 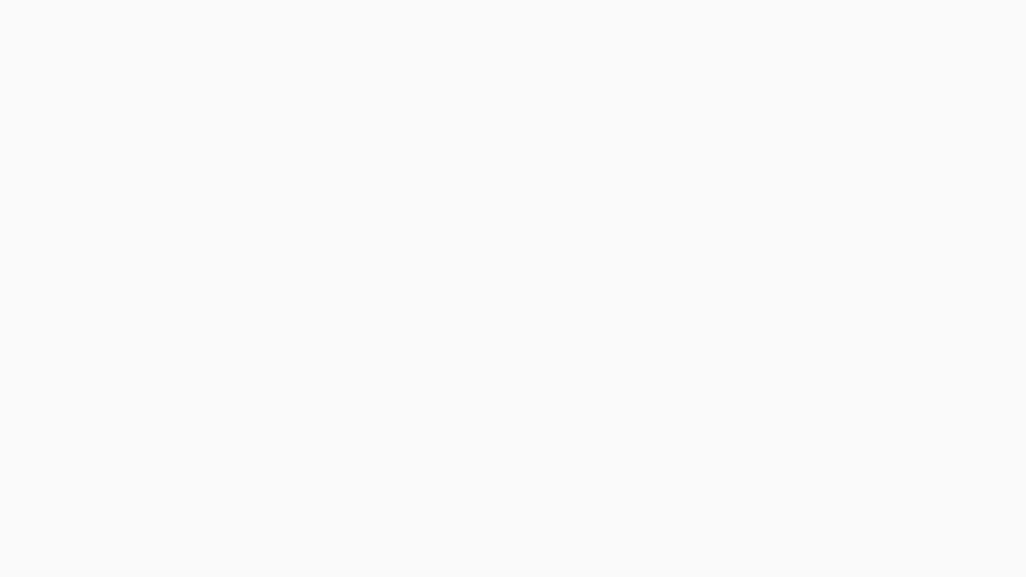 What do you see at coordinates (96, 101) in the screenshot?
I see `Staying Safe` at bounding box center [96, 101].